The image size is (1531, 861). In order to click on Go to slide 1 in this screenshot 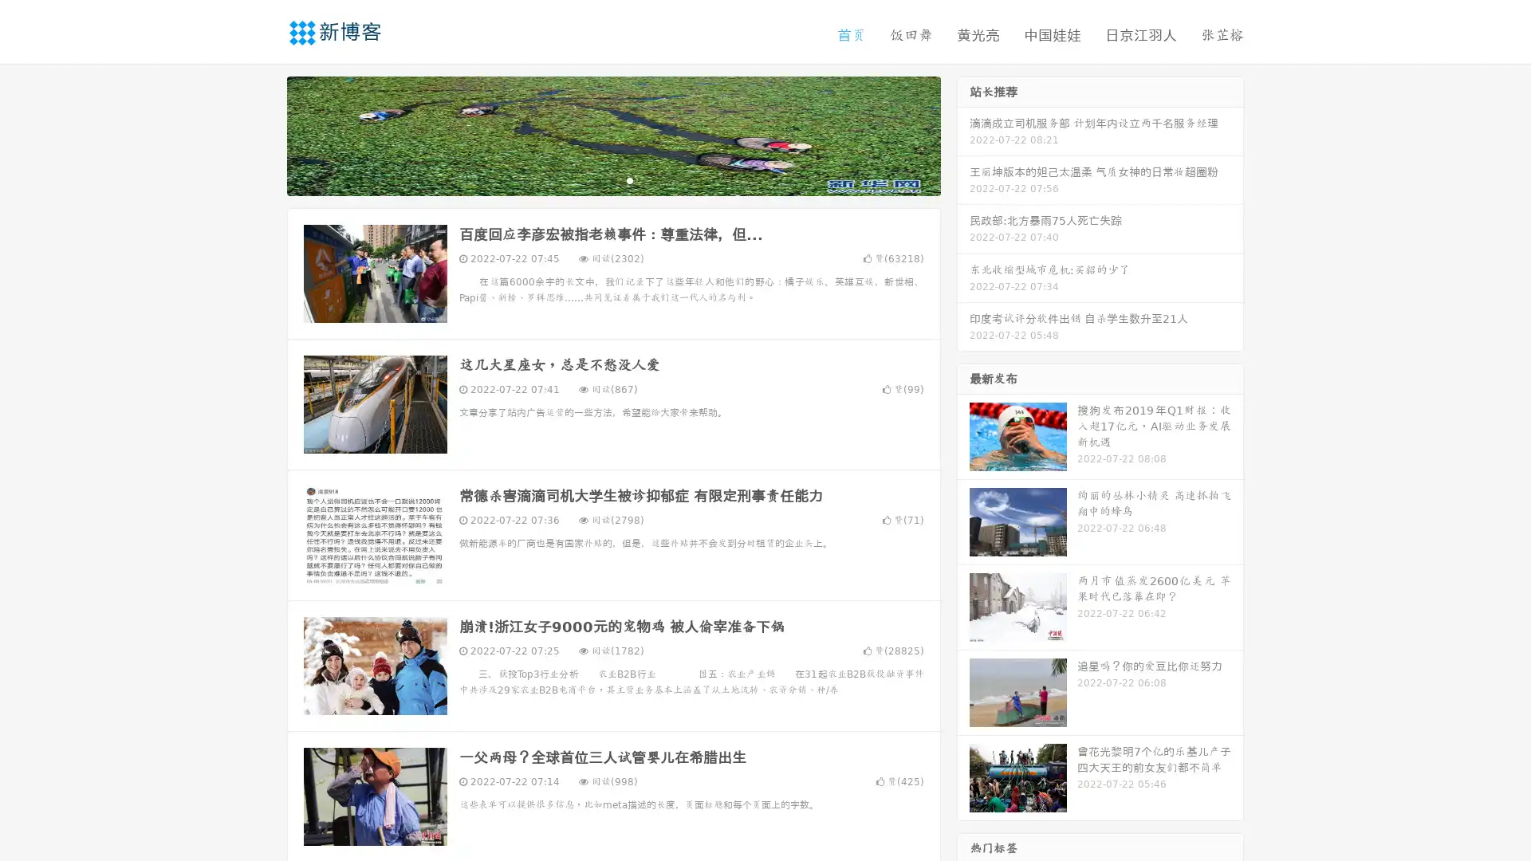, I will do `click(596, 179)`.